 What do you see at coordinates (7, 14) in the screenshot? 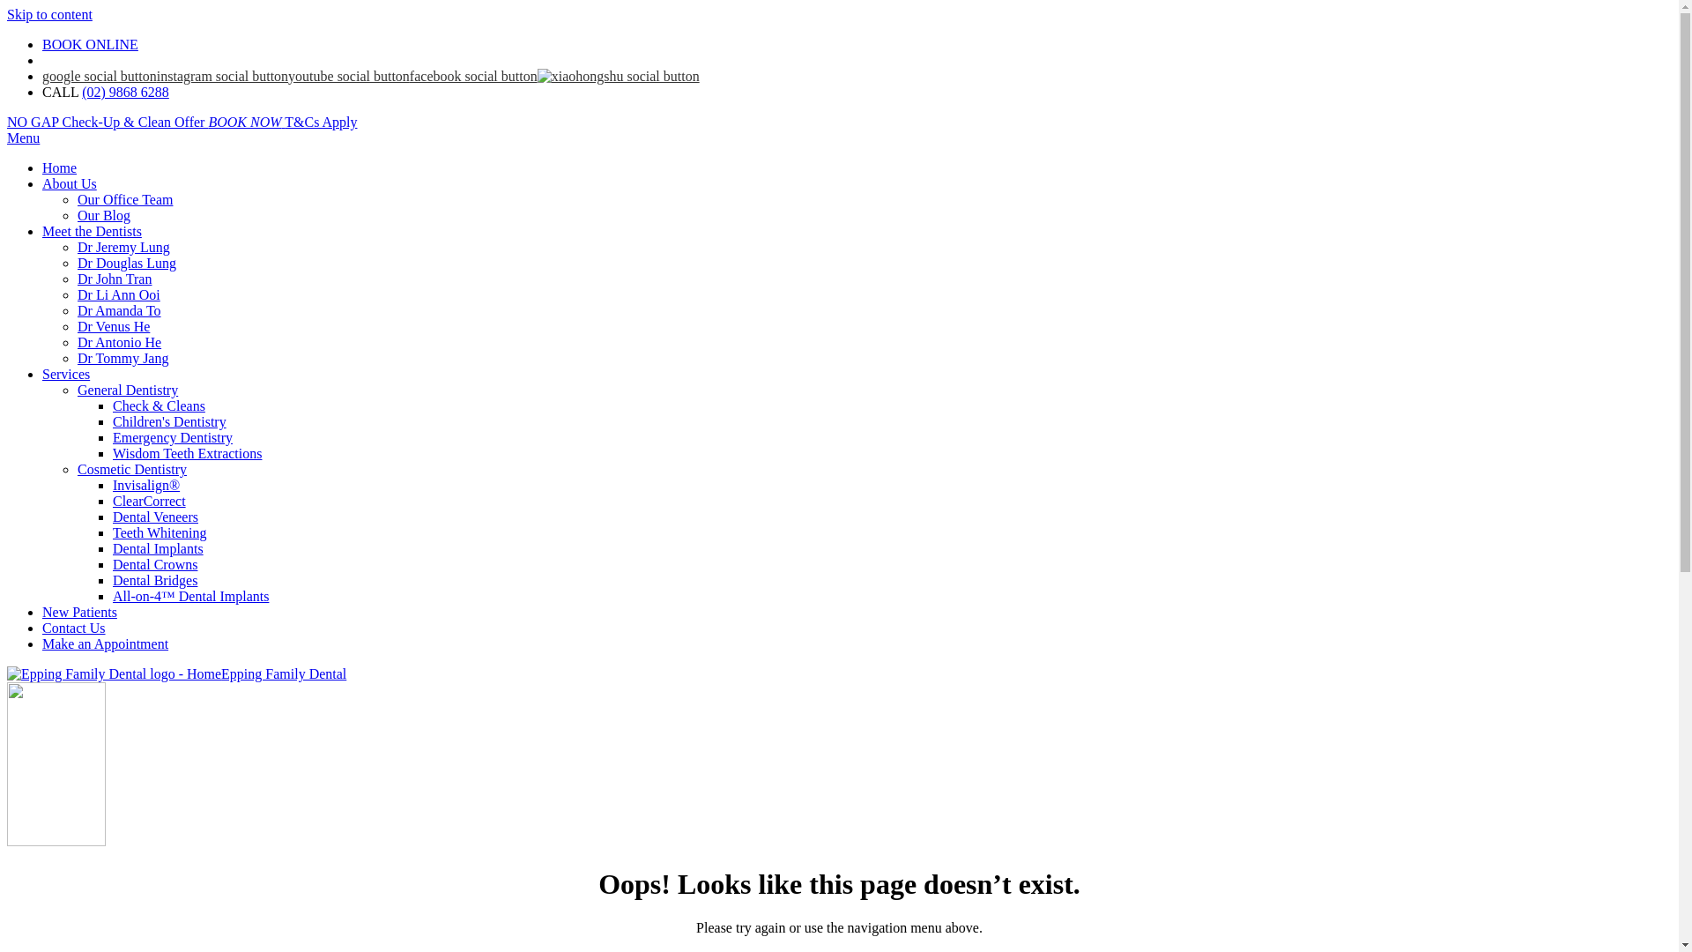
I see `'Skip to content'` at bounding box center [7, 14].